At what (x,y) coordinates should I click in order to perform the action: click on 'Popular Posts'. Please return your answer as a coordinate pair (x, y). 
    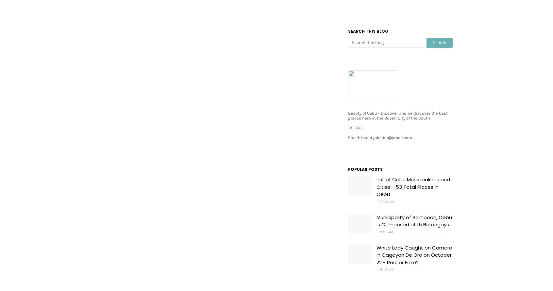
    Looking at the image, I should click on (365, 169).